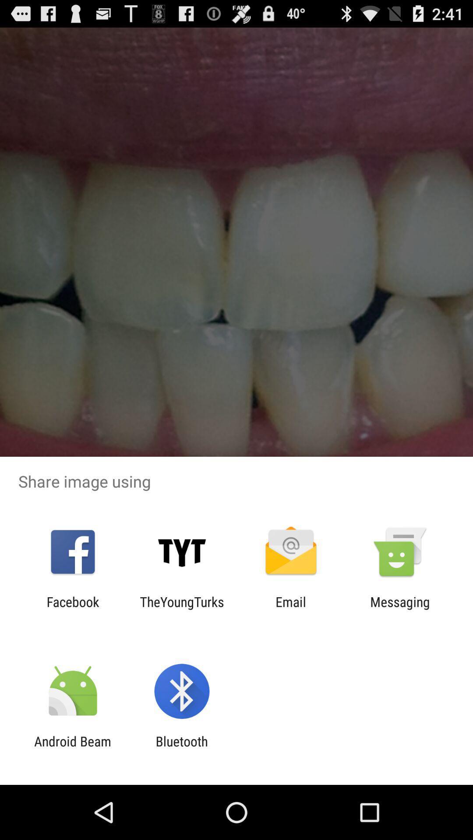 The width and height of the screenshot is (473, 840). I want to click on the app to the right of the email icon, so click(400, 609).